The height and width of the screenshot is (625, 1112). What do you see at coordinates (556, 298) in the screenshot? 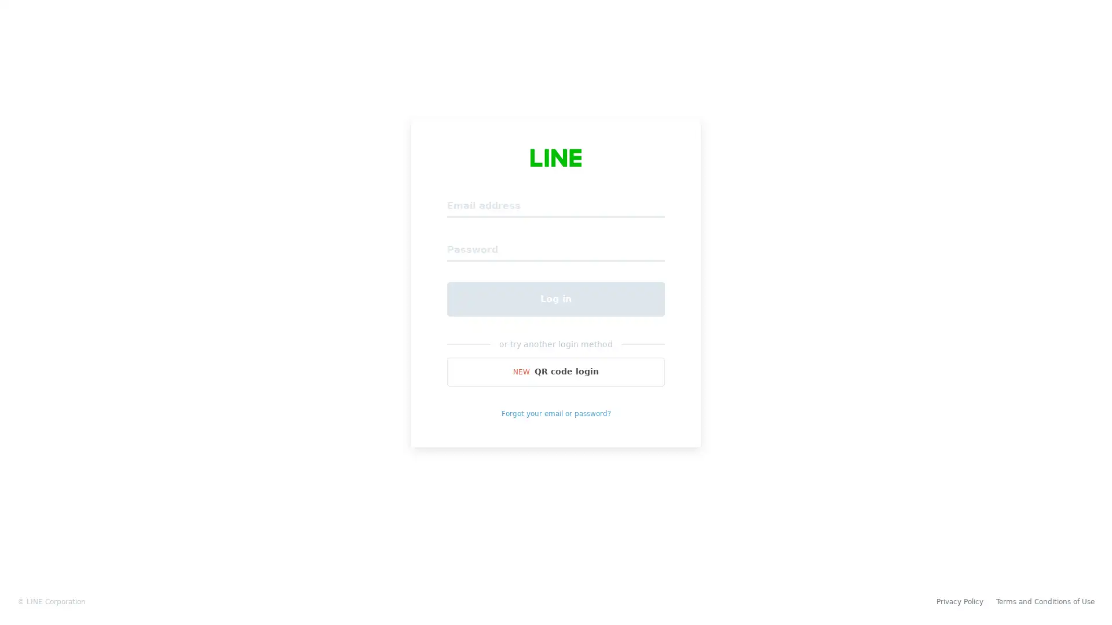
I see `Log in` at bounding box center [556, 298].